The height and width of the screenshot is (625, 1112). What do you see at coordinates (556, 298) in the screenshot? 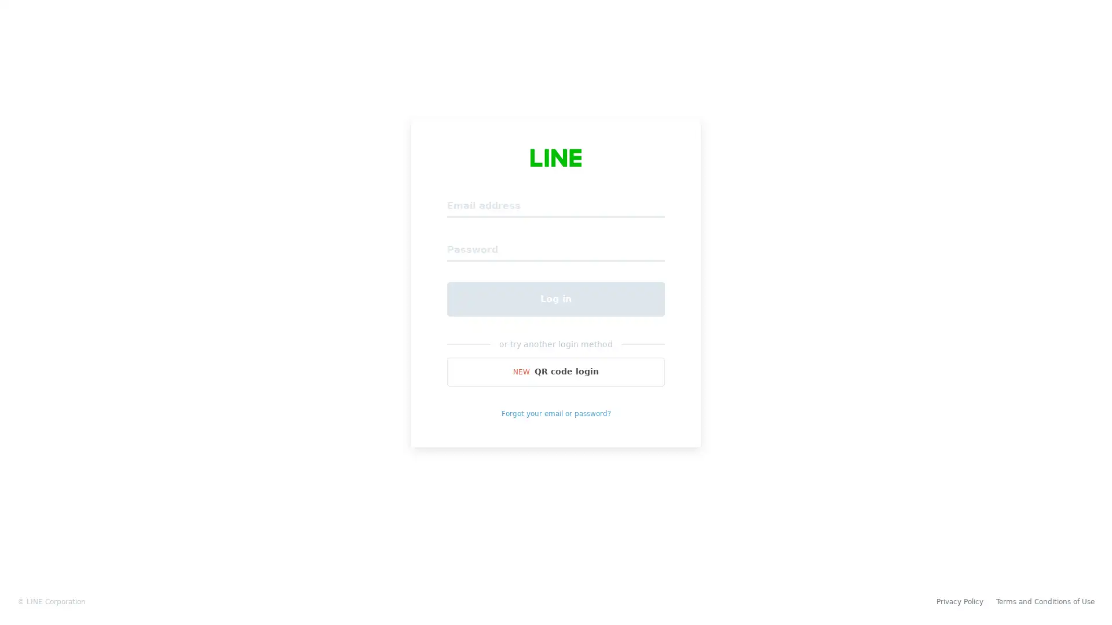
I see `Log in` at bounding box center [556, 298].